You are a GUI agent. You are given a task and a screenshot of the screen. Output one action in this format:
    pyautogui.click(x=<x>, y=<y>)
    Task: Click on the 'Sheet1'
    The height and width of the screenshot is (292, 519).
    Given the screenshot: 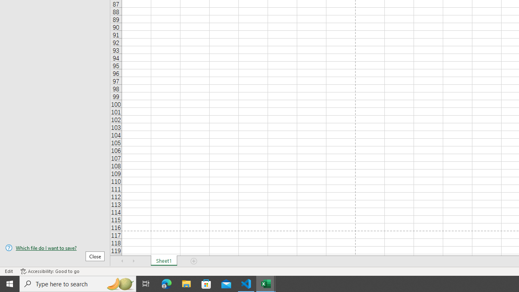 What is the action you would take?
    pyautogui.click(x=163, y=261)
    